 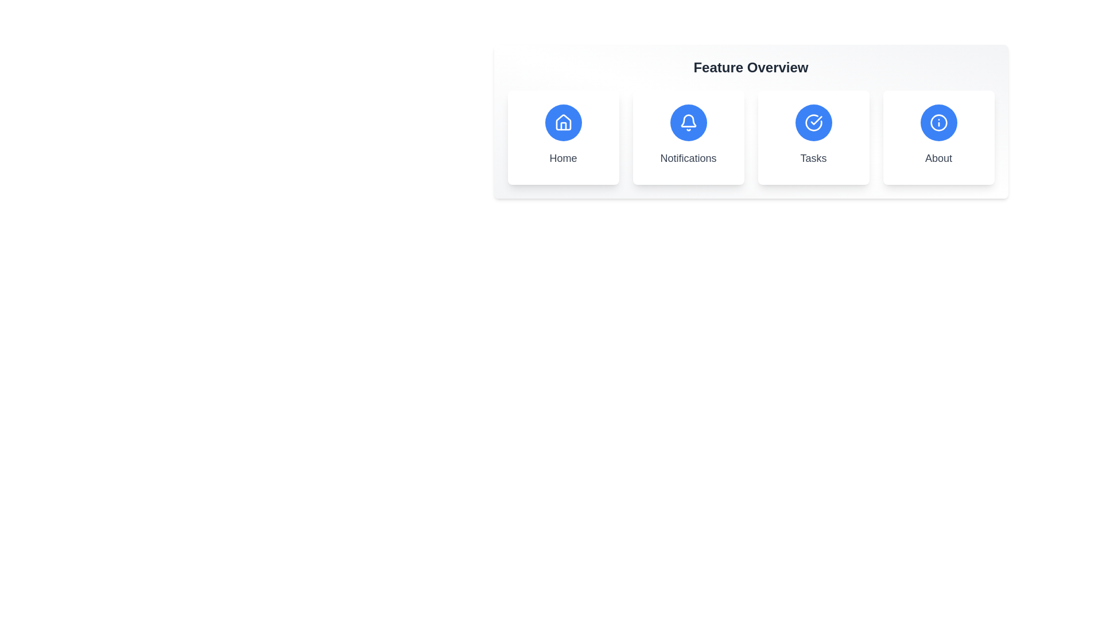 What do you see at coordinates (938, 122) in the screenshot?
I see `the informational icon, which is a circular icon with a white 'i' symbol inside a blue circle, located in the 'About' section of the feature overview cards` at bounding box center [938, 122].